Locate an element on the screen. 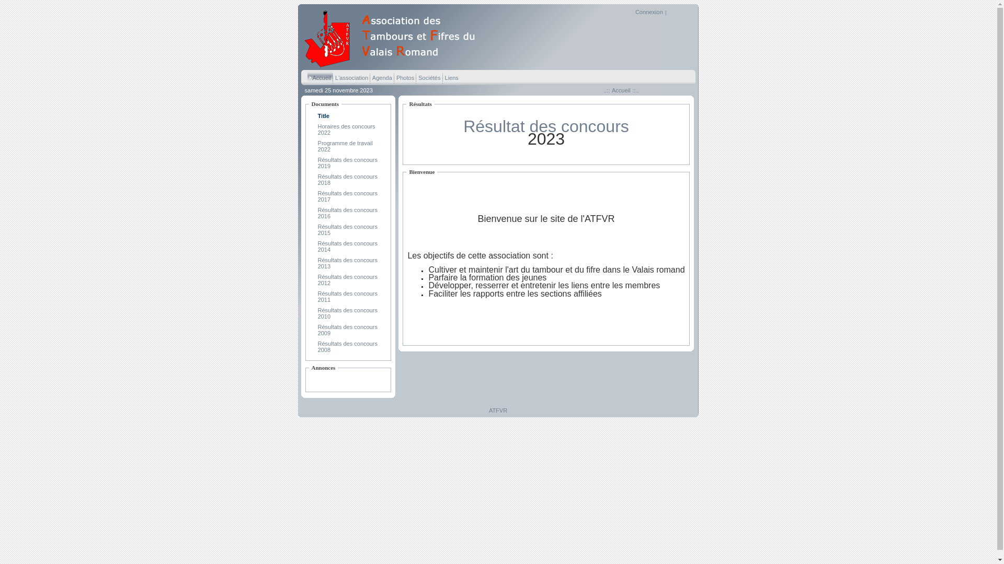  'Horaires des concours 2022' is located at coordinates (346, 128).